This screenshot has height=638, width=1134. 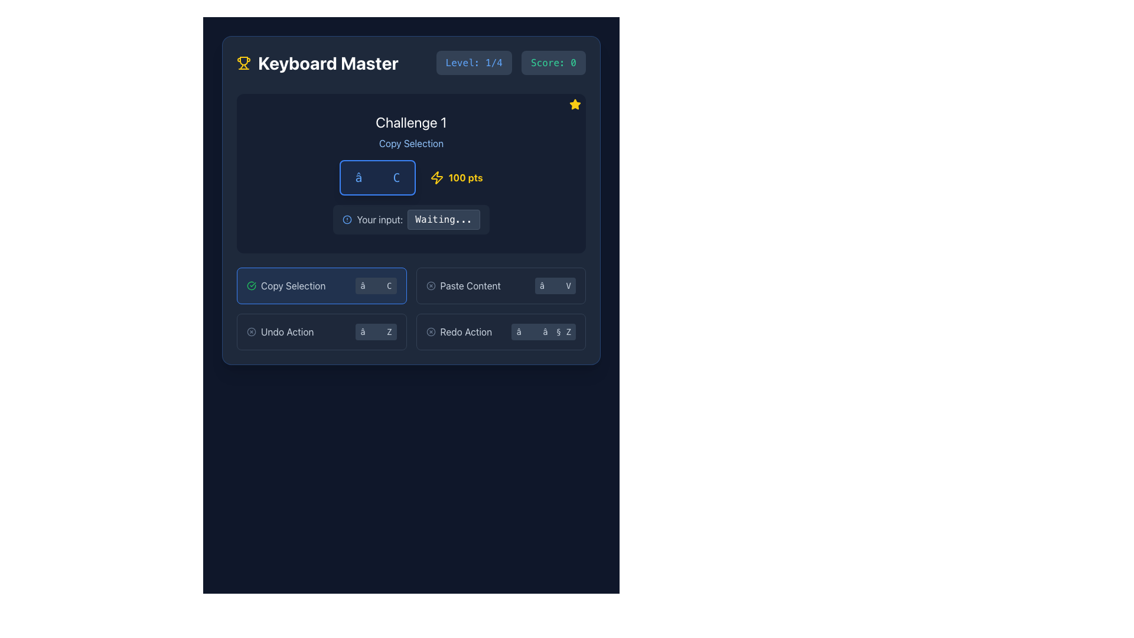 What do you see at coordinates (458, 332) in the screenshot?
I see `the redo button located in the bottom-right section of the interface` at bounding box center [458, 332].